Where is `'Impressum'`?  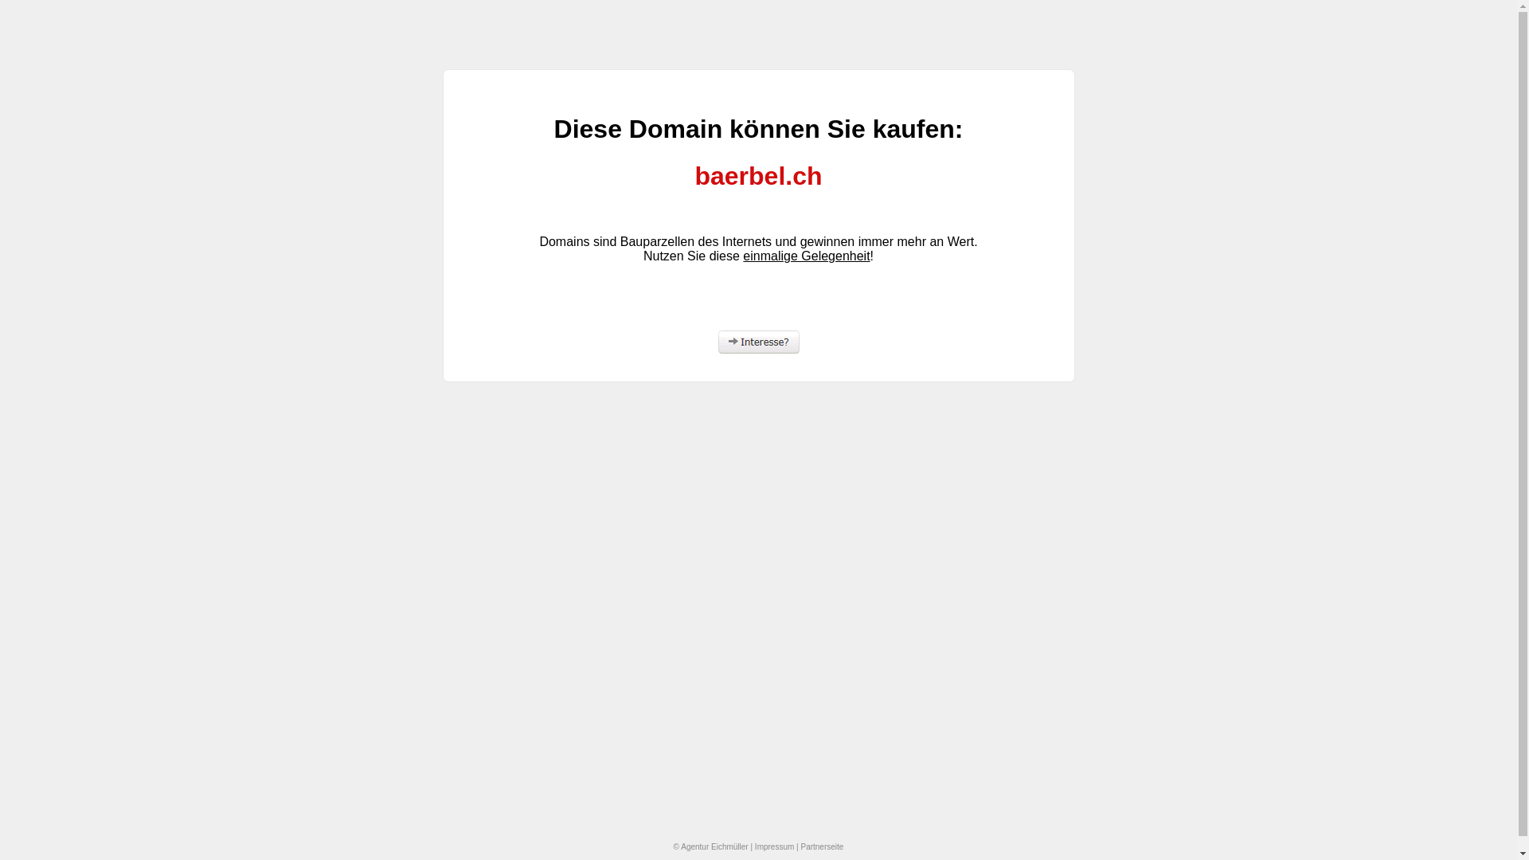 'Impressum' is located at coordinates (774, 846).